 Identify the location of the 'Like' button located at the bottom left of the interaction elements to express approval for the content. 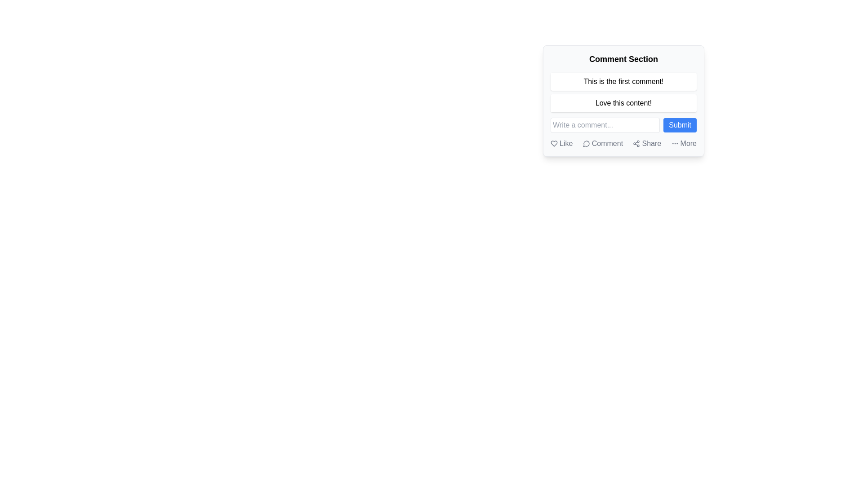
(561, 143).